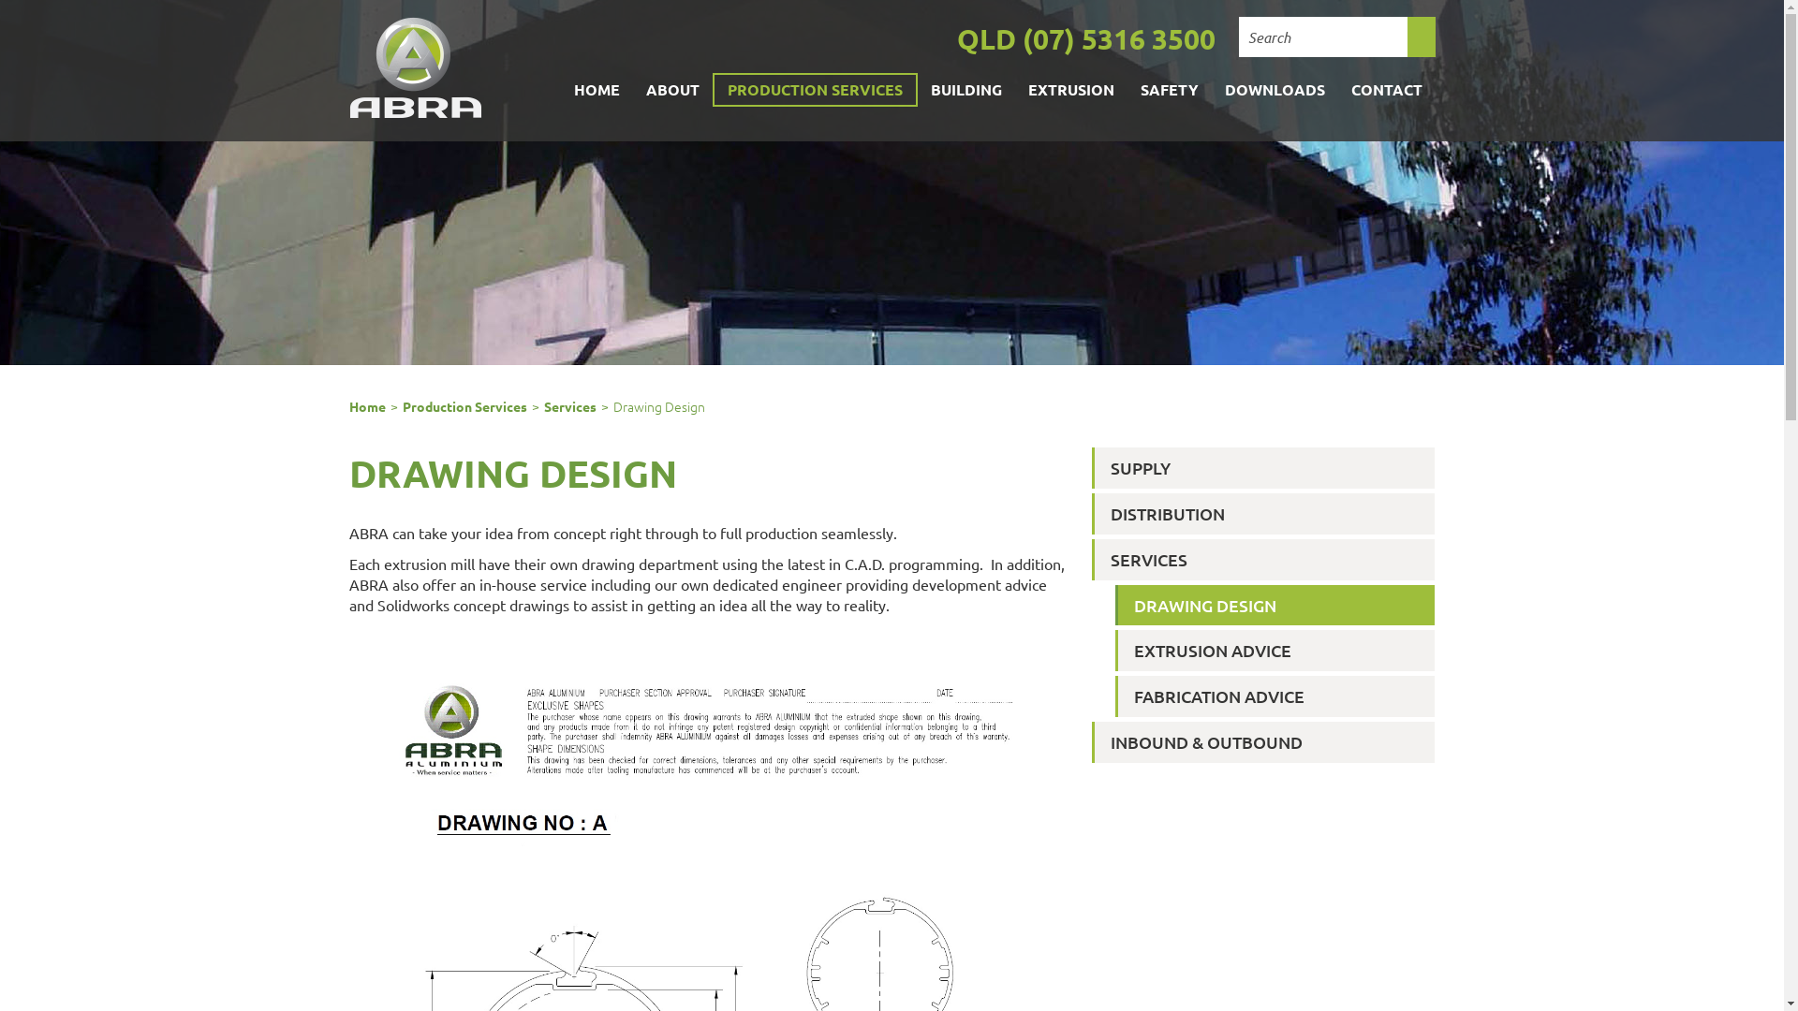 This screenshot has width=1798, height=1011. I want to click on 'INBOUND & OUTBOUND', so click(1263, 741).